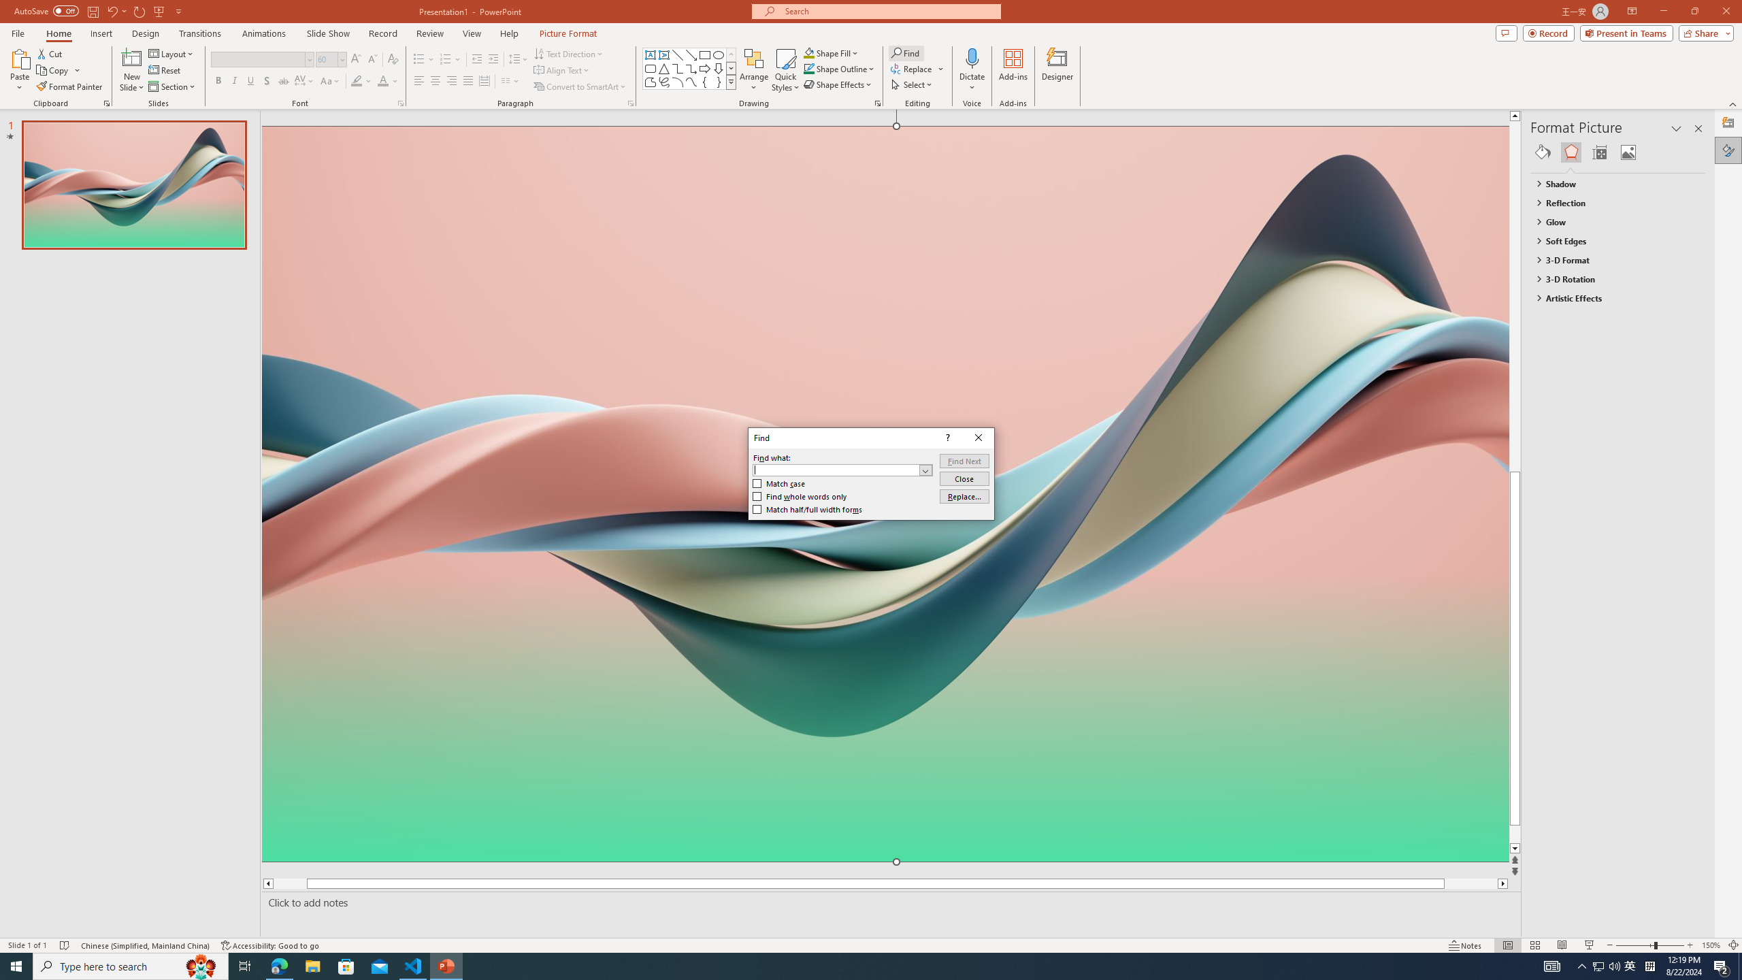  I want to click on 'Oval', so click(718, 54).